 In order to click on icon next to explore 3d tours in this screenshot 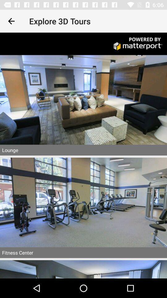, I will do `click(11, 21)`.